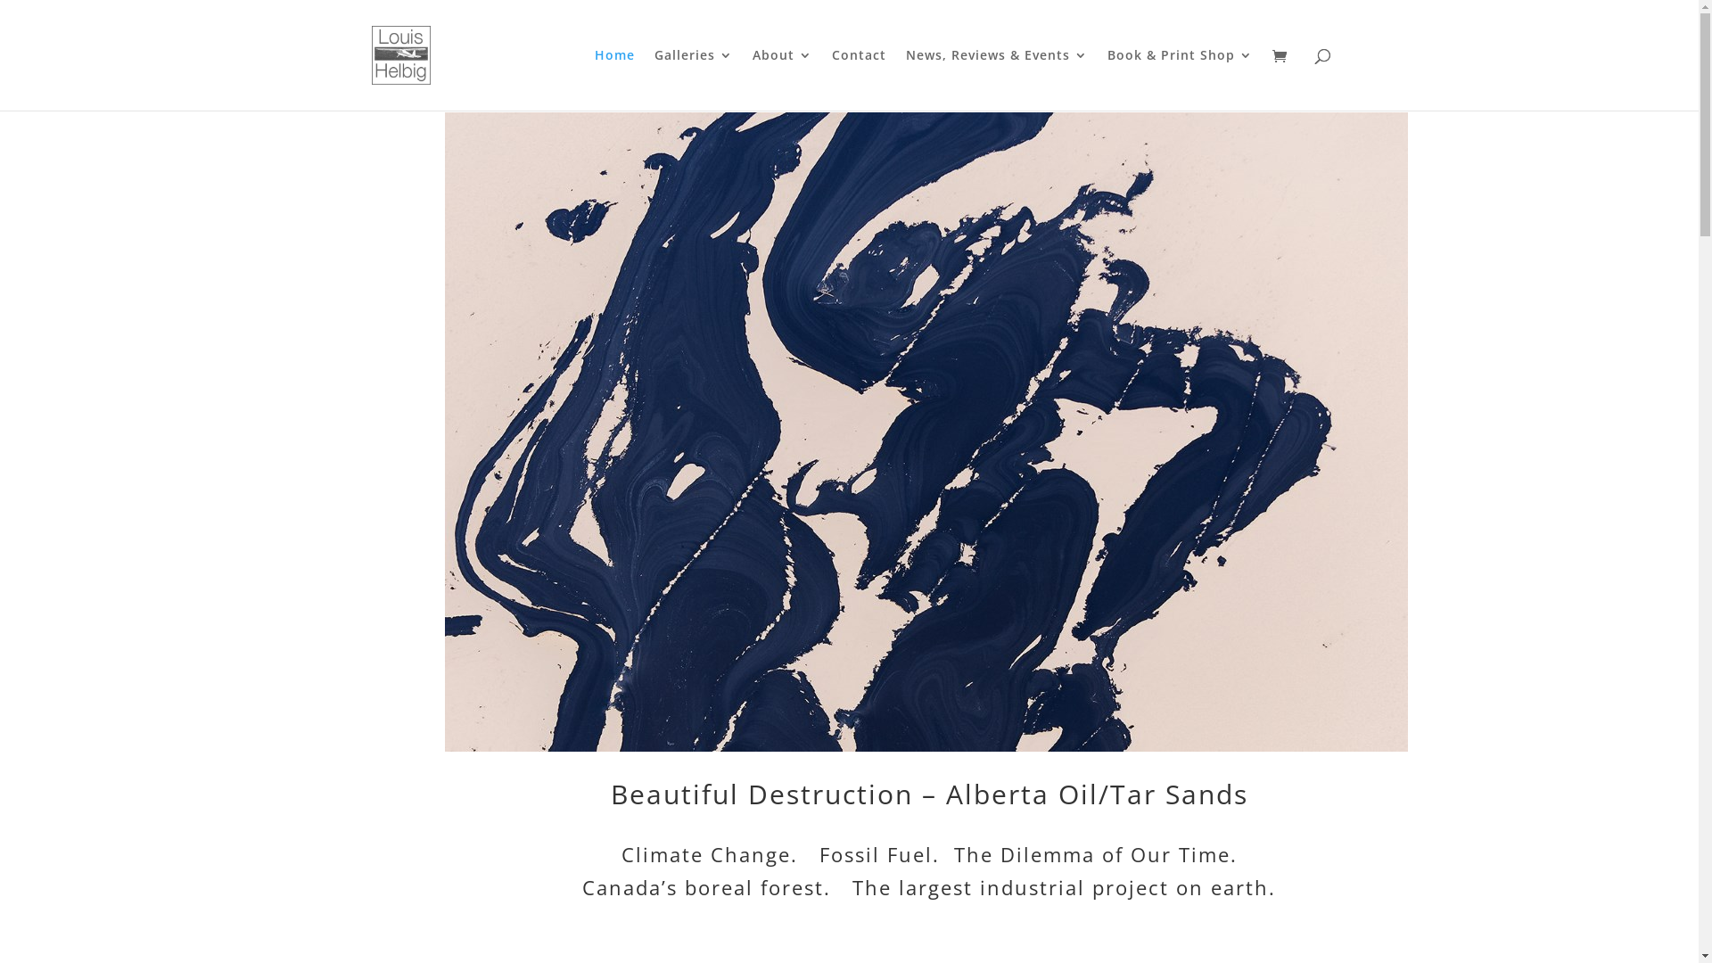 The height and width of the screenshot is (963, 1712). What do you see at coordinates (613, 78) in the screenshot?
I see `'Home'` at bounding box center [613, 78].